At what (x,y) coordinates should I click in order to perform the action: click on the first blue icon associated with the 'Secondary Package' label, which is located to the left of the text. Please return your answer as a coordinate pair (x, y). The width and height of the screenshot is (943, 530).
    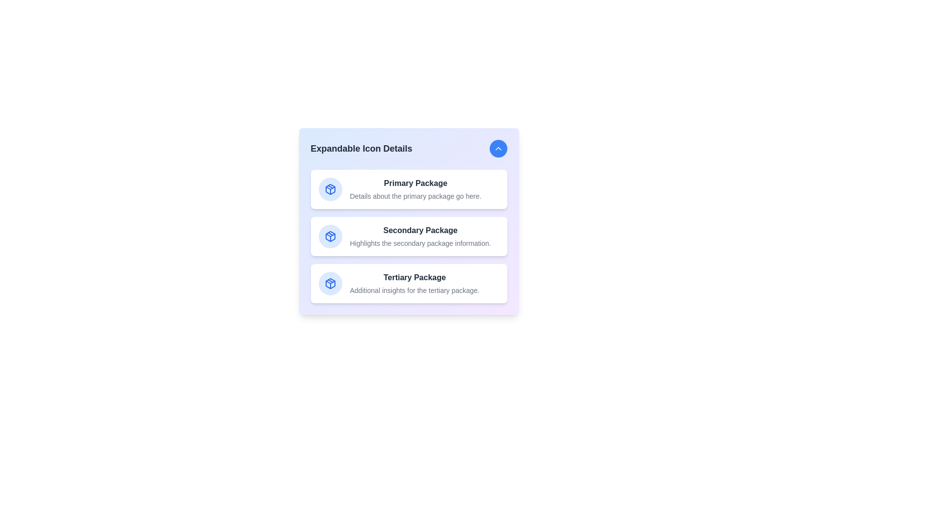
    Looking at the image, I should click on (330, 237).